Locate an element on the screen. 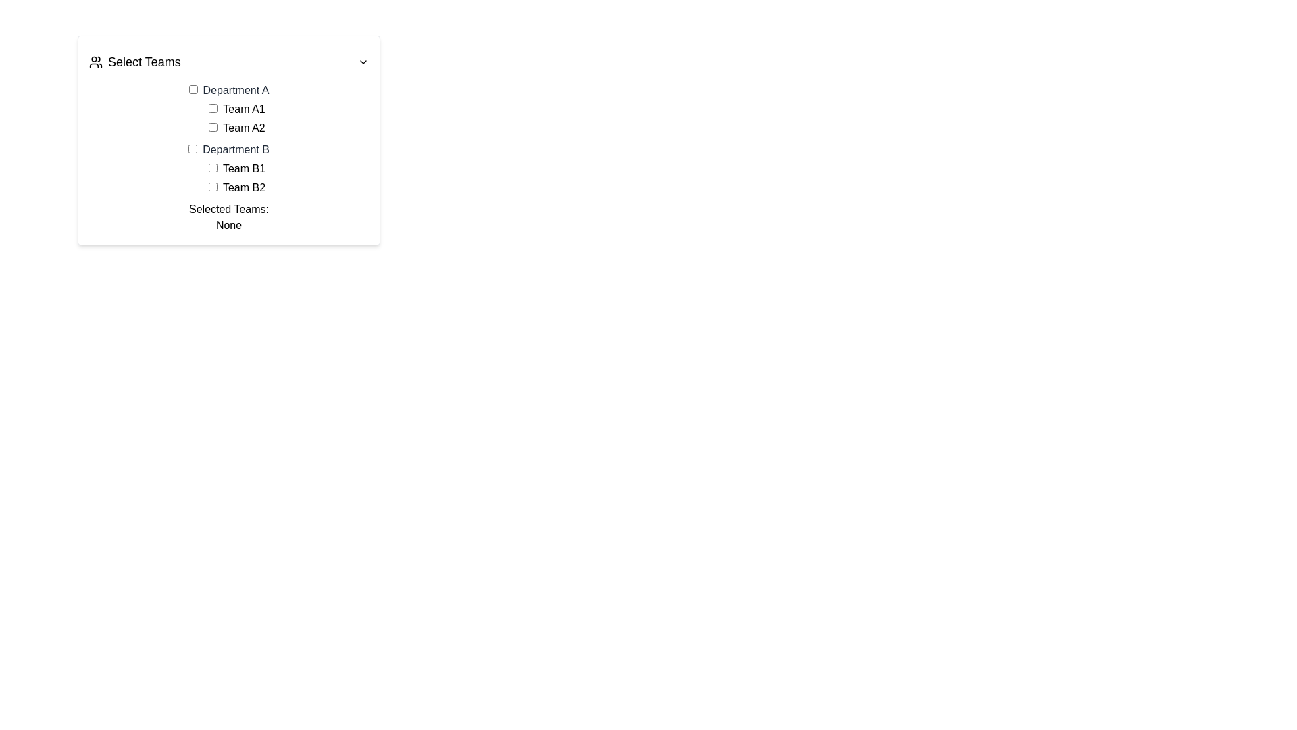 The image size is (1297, 730). text label indicating the current selection status, which shows that no teams are selected, positioned below 'Selected Teams:' in the modal interface is located at coordinates (229, 225).